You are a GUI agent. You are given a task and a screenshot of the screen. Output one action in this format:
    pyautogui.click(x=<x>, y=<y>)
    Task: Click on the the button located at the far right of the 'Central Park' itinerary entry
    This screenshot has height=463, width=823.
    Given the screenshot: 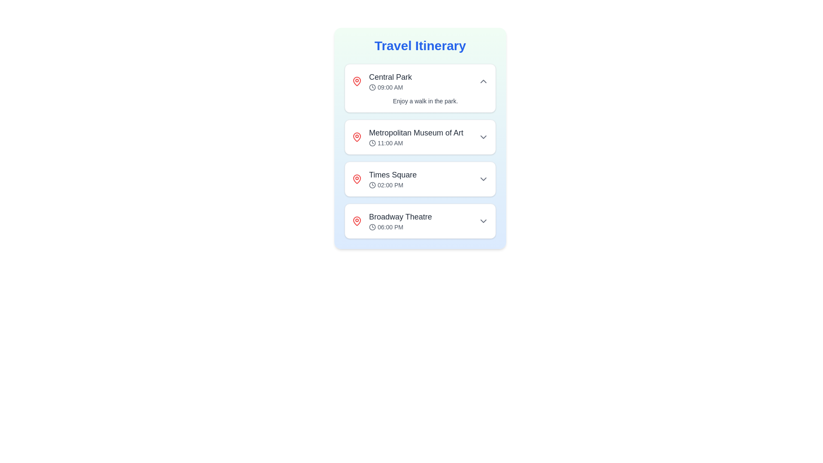 What is the action you would take?
    pyautogui.click(x=484, y=81)
    